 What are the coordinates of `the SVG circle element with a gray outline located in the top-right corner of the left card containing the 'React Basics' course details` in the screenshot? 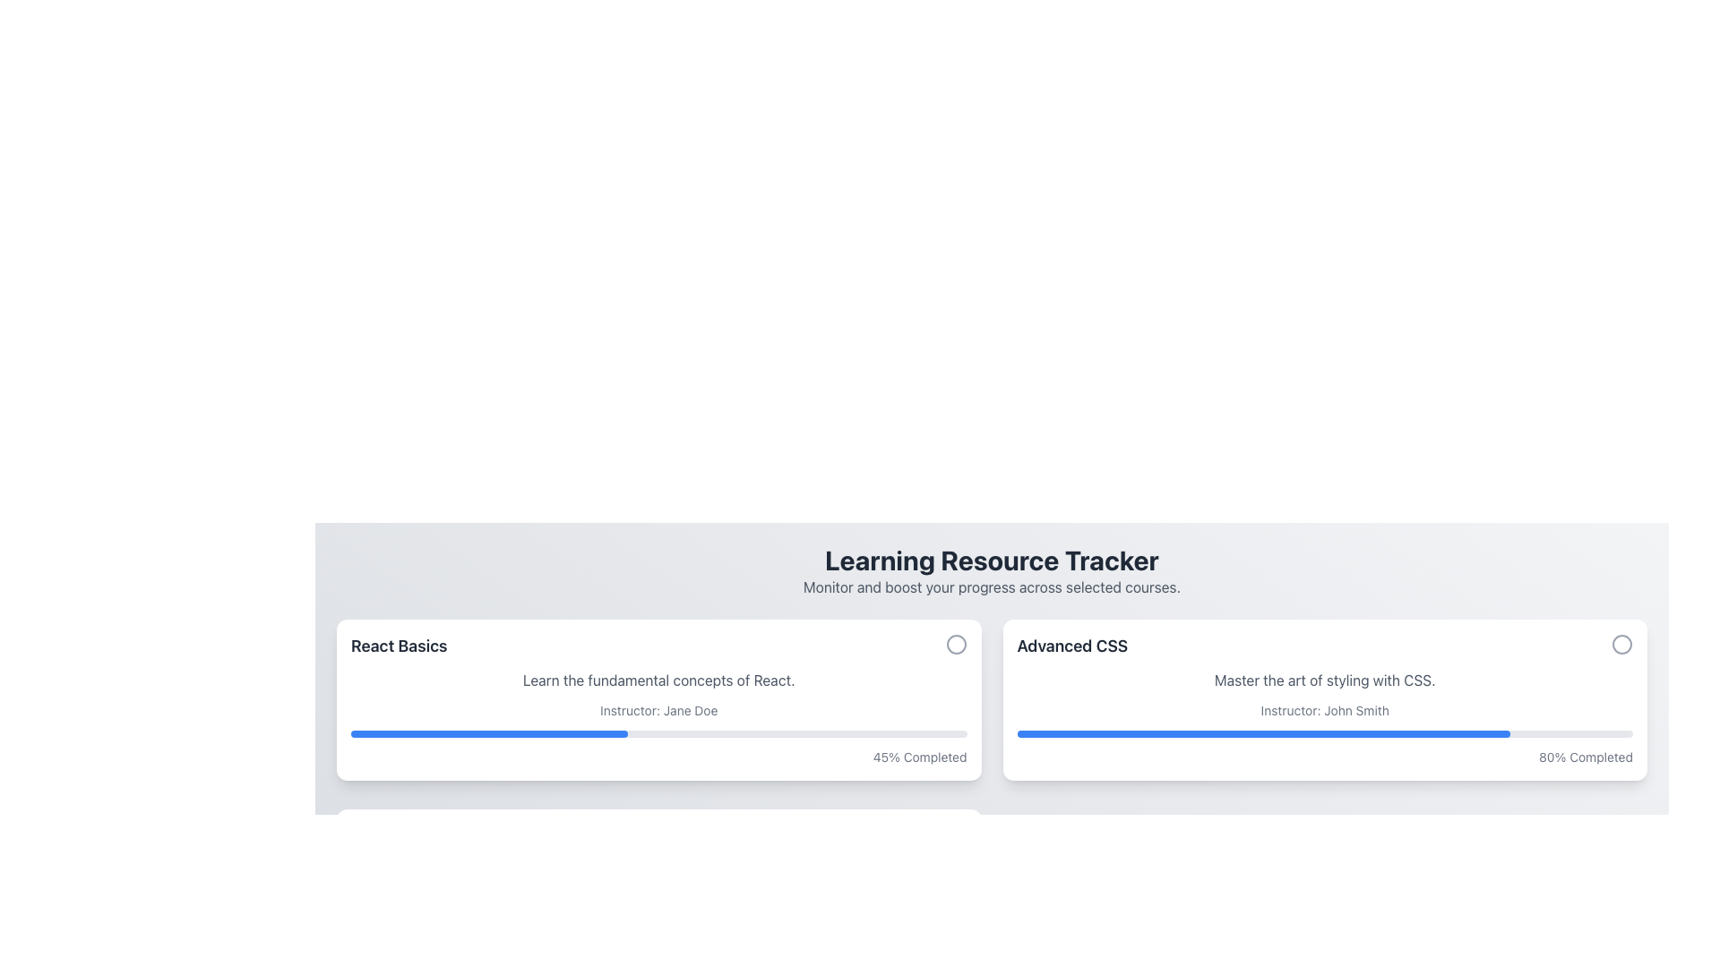 It's located at (955, 645).